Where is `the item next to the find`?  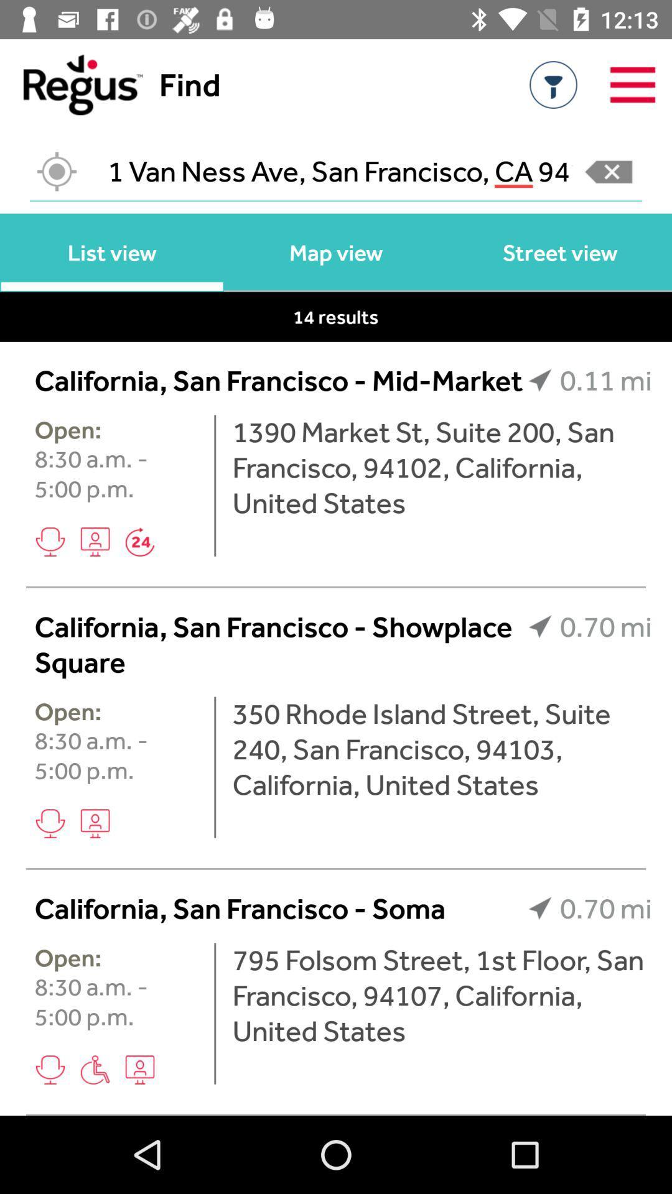 the item next to the find is located at coordinates (71, 84).